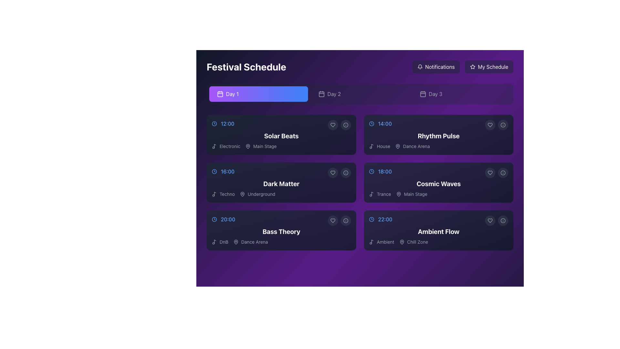 This screenshot has width=620, height=349. What do you see at coordinates (333, 125) in the screenshot?
I see `the Outline heart icon located at the top right corner of the 'Solar Beats' event card` at bounding box center [333, 125].